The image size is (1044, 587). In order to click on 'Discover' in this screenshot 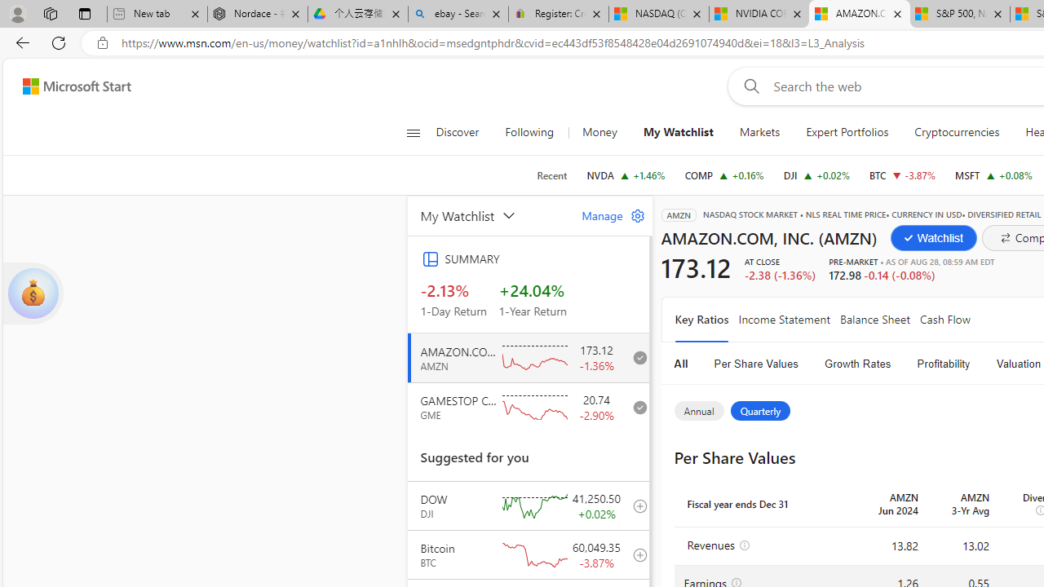, I will do `click(462, 132)`.